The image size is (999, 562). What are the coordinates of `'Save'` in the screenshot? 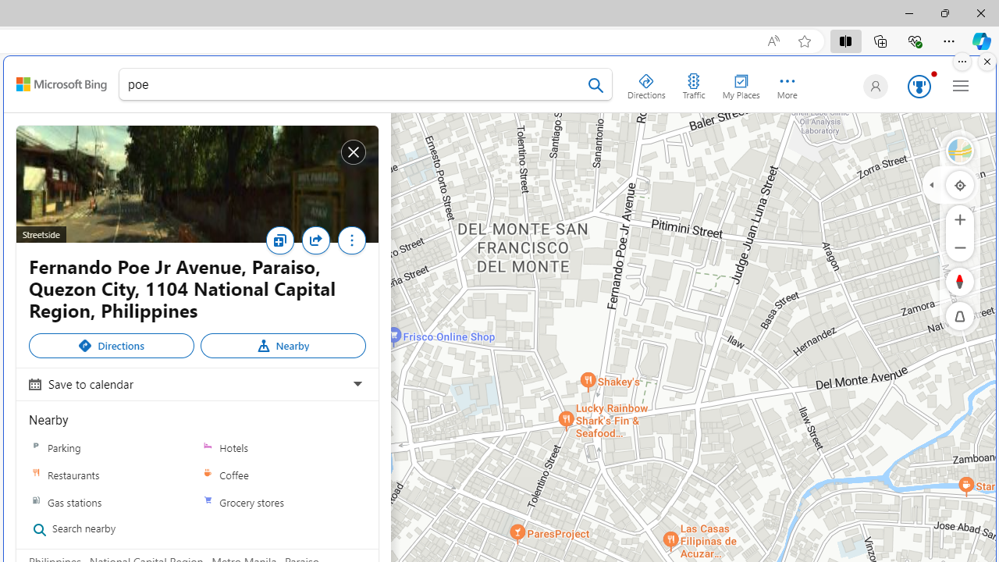 It's located at (280, 240).